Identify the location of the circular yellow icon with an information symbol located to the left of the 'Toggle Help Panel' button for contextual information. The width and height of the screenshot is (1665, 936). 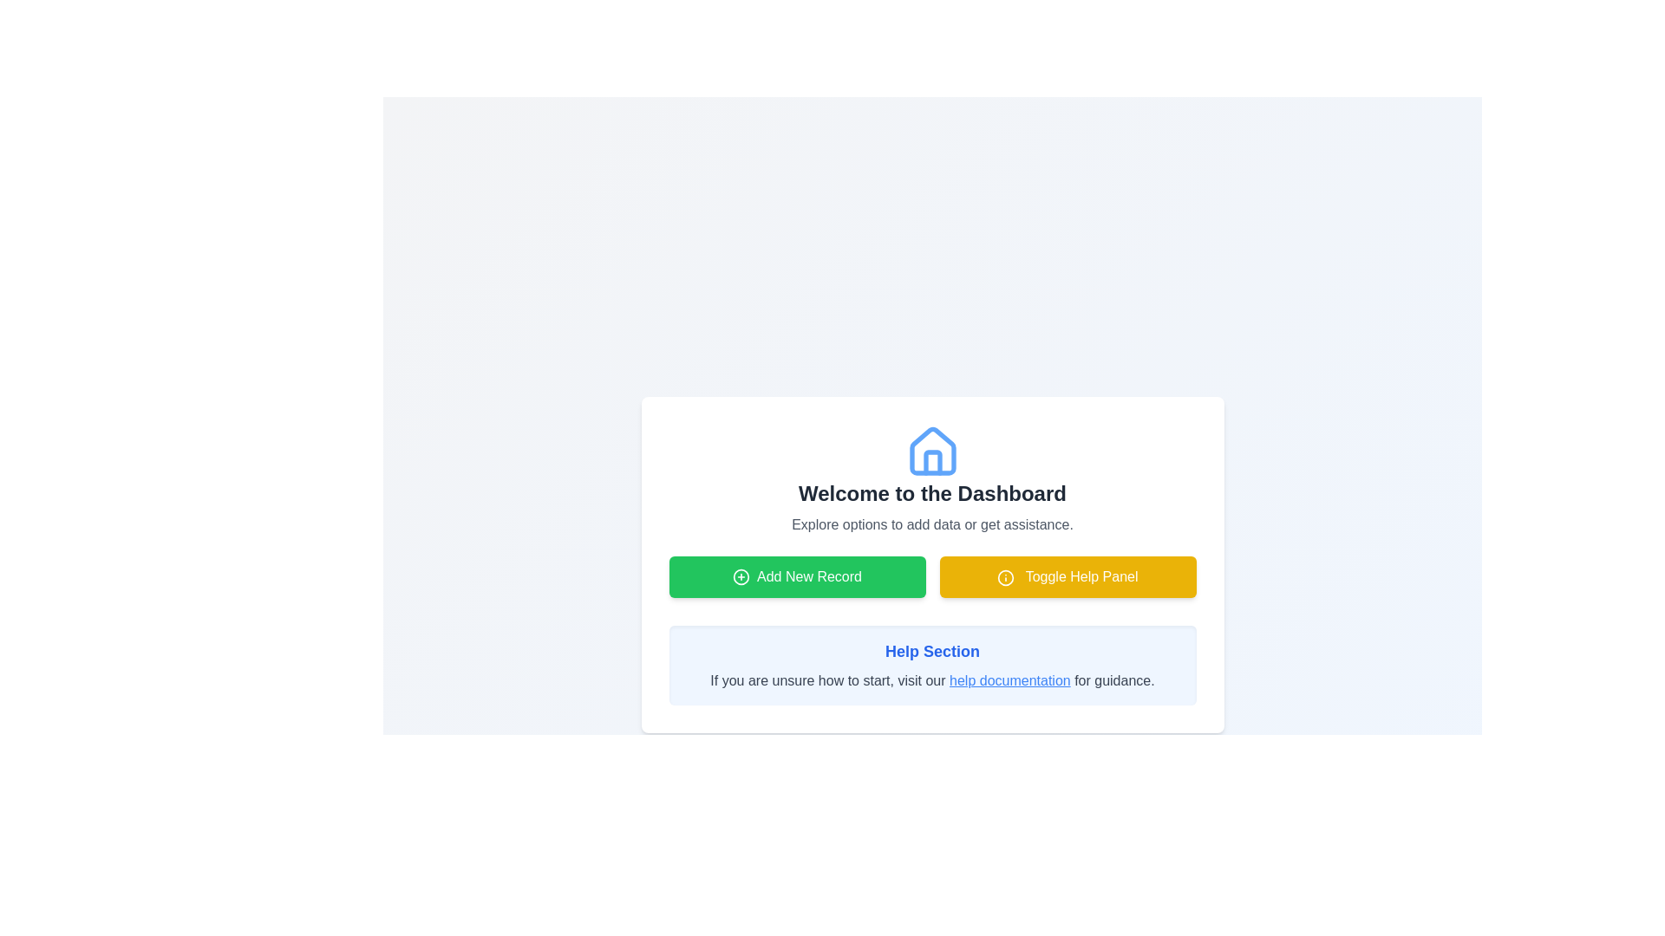
(1006, 577).